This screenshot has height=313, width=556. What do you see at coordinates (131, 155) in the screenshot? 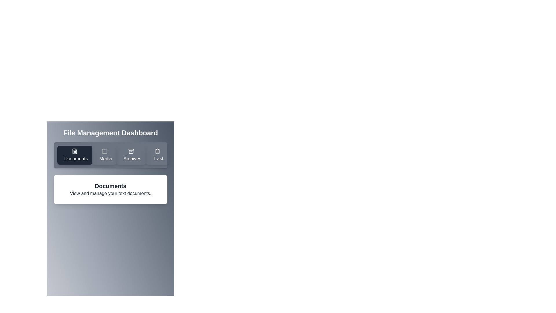
I see `the tab button corresponding to Archives` at bounding box center [131, 155].